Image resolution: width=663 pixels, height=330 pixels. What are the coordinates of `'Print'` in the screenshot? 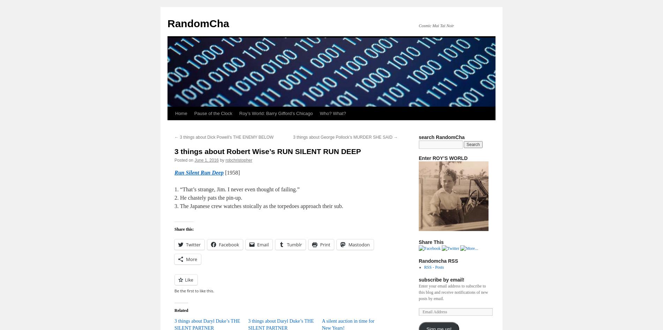 It's located at (319, 244).